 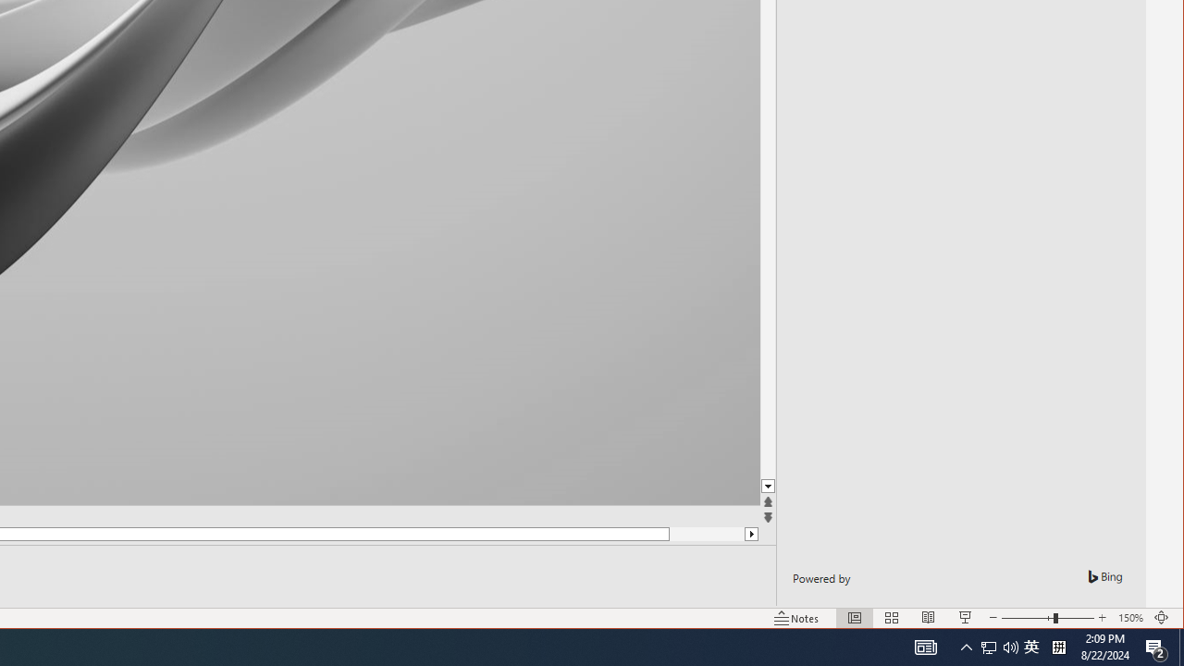 What do you see at coordinates (925, 646) in the screenshot?
I see `'AutomationID: 4105'` at bounding box center [925, 646].